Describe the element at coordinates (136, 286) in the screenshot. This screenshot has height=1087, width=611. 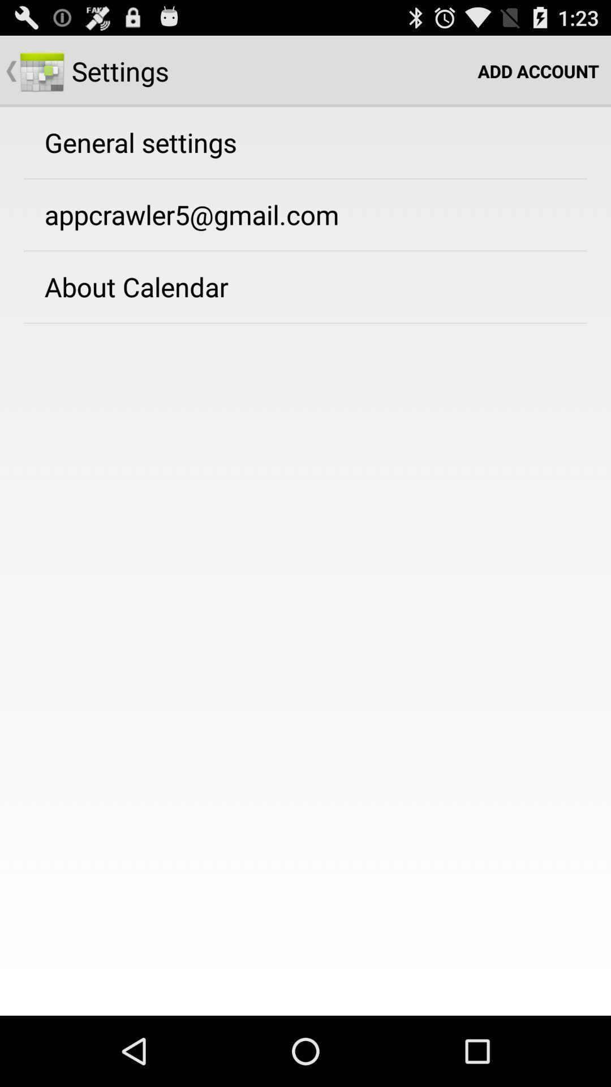
I see `the icon below appcrawler5@gmail.com icon` at that location.